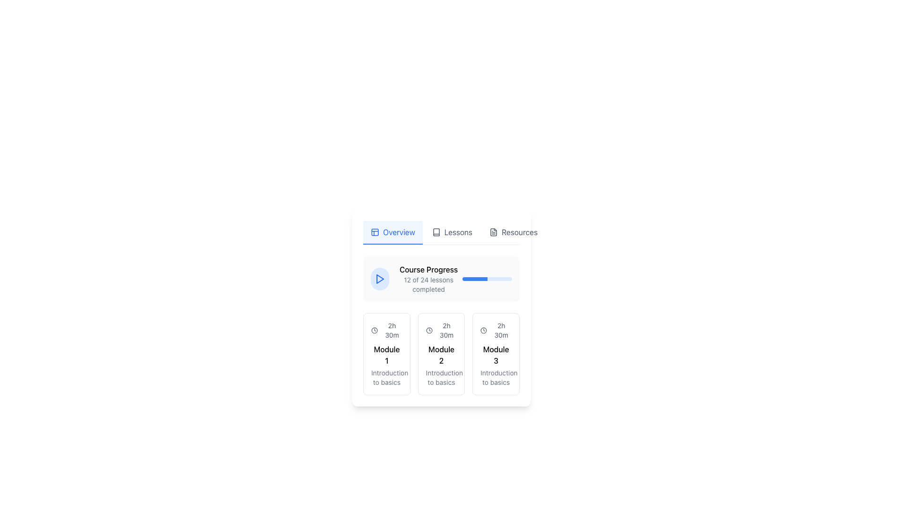 This screenshot has width=907, height=510. What do you see at coordinates (374, 330) in the screenshot?
I see `the minimalist clock icon located in the first card labeled 'Module 1', positioned to the left of the text '2h 30m'` at bounding box center [374, 330].